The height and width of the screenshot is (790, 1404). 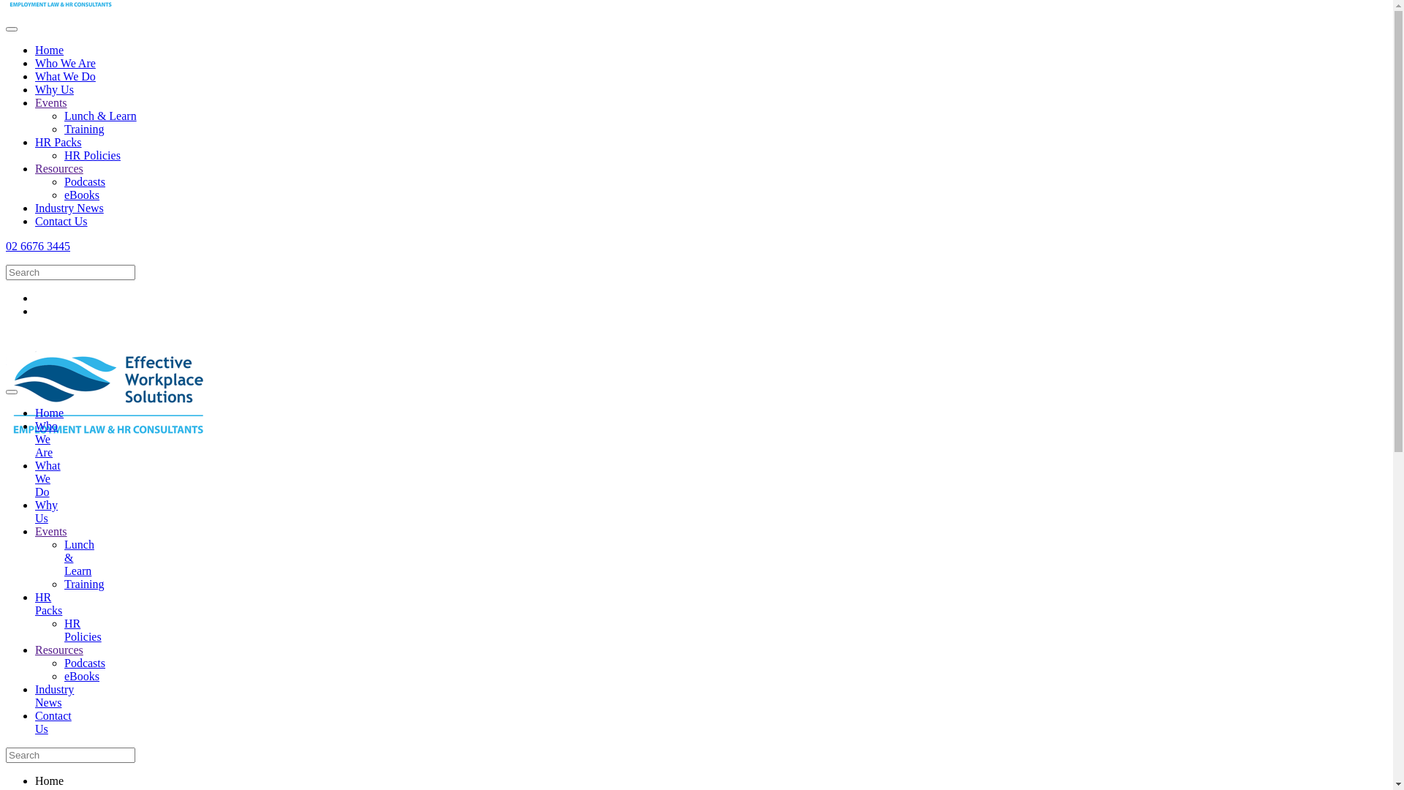 What do you see at coordinates (51, 531) in the screenshot?
I see `'Events'` at bounding box center [51, 531].